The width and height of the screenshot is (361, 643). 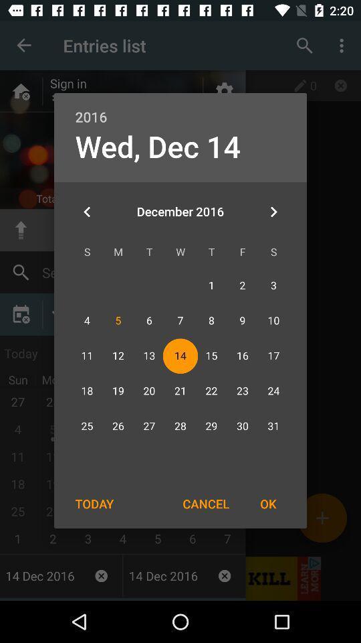 What do you see at coordinates (94, 503) in the screenshot?
I see `icon to the left of the cancel item` at bounding box center [94, 503].